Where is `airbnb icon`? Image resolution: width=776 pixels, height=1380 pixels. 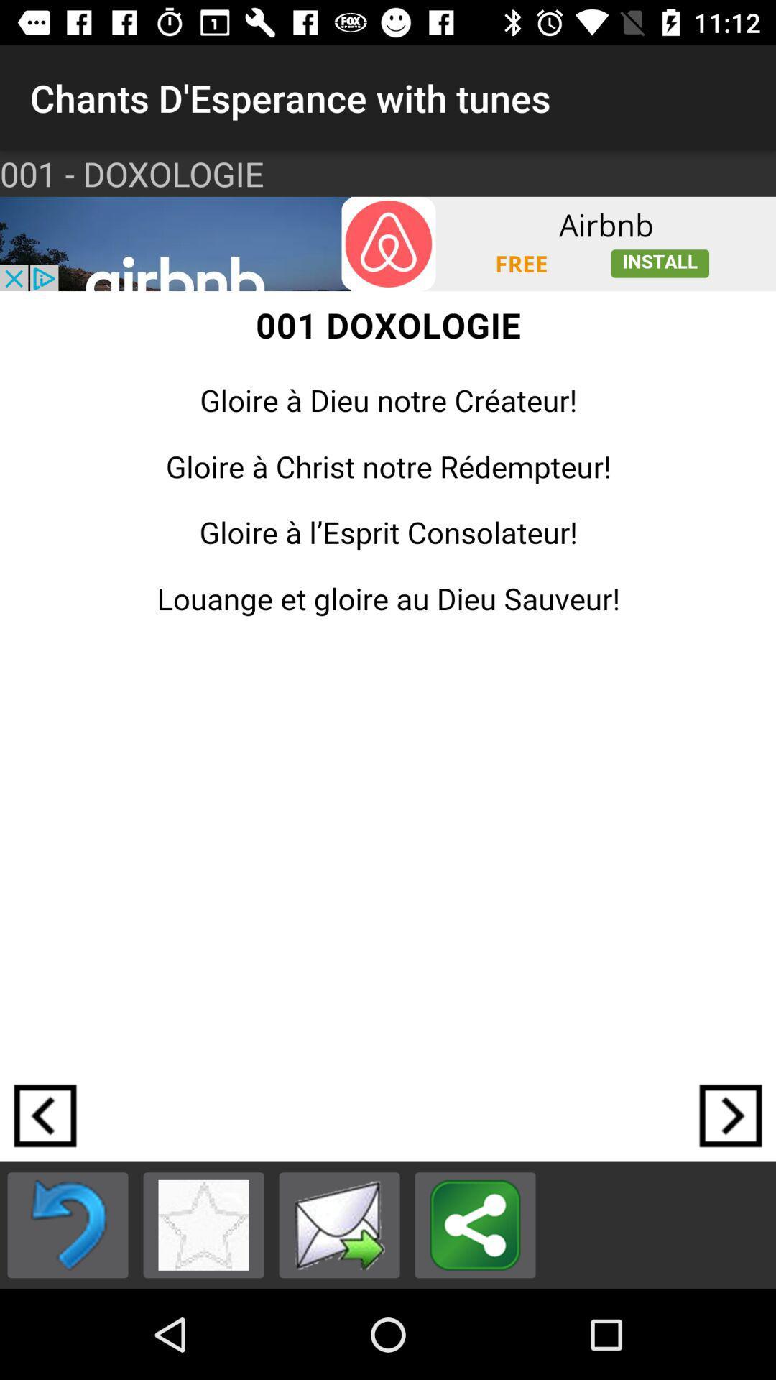 airbnb icon is located at coordinates (388, 244).